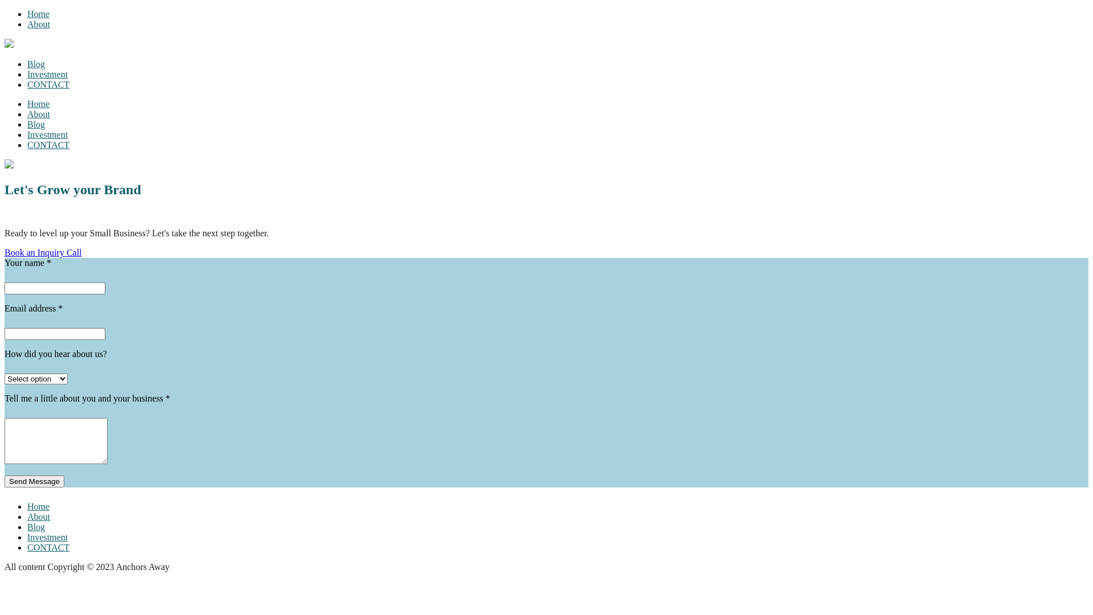 This screenshot has height=615, width=1093. Describe the element at coordinates (38, 14) in the screenshot. I see `'Home'` at that location.